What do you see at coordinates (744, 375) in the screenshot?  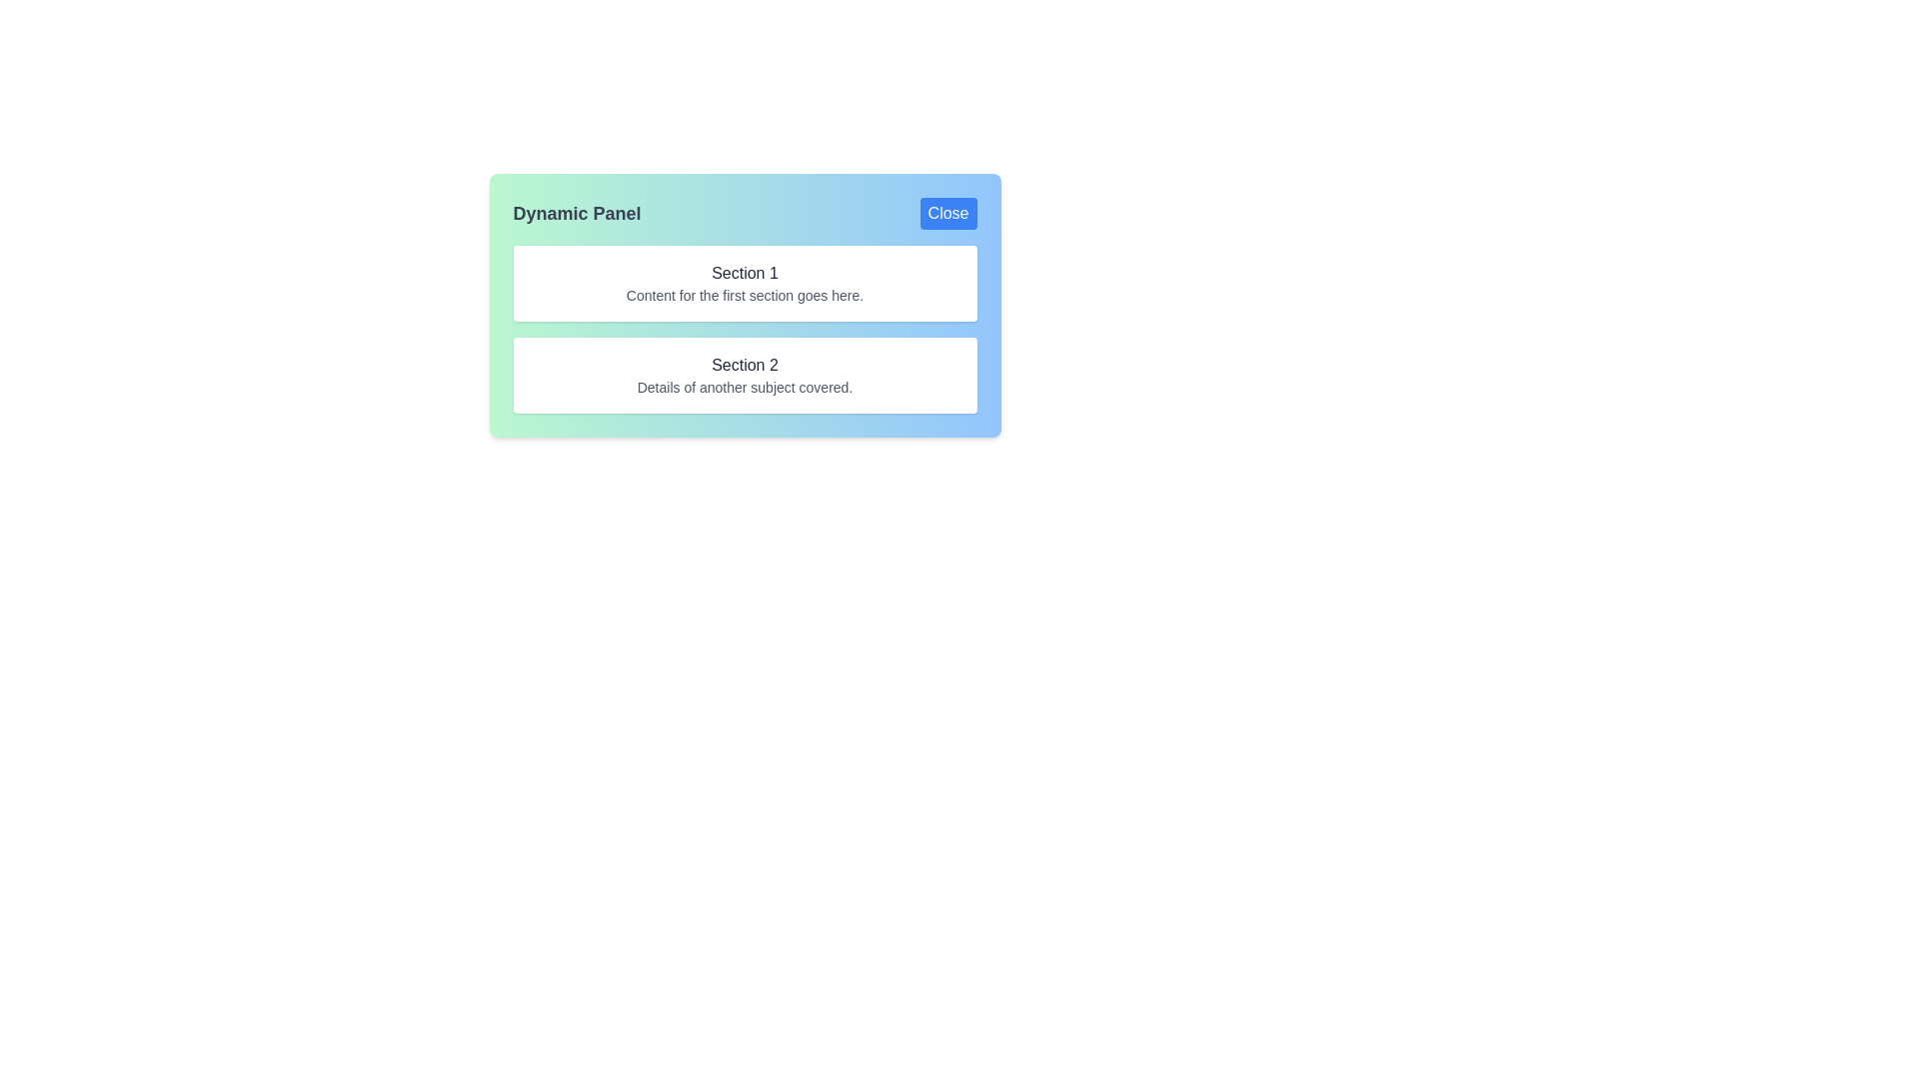 I see `the Informational section titled 'Section 2' which contains the description 'Details of another subject covered.'` at bounding box center [744, 375].